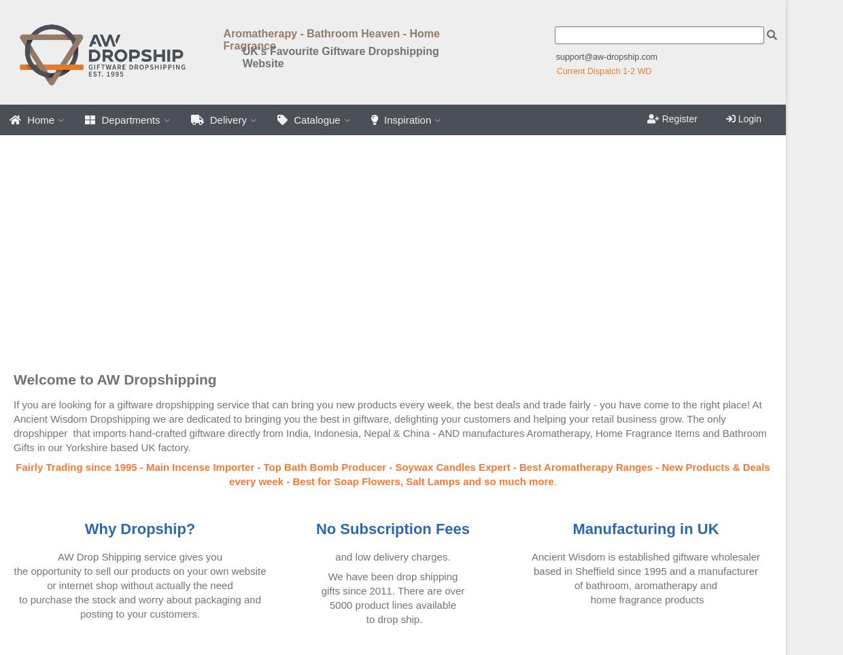 Image resolution: width=843 pixels, height=655 pixels. Describe the element at coordinates (392, 473) in the screenshot. I see `'Fairly Trading since 1995 - Main Incense Importer - Top Bath Bomb Producer - Soywax Candles Expert - Best Aromatherapy Ranges - New Products & Deals every week - Best for Soap Flowers, Salt Lamps and so much more'` at that location.